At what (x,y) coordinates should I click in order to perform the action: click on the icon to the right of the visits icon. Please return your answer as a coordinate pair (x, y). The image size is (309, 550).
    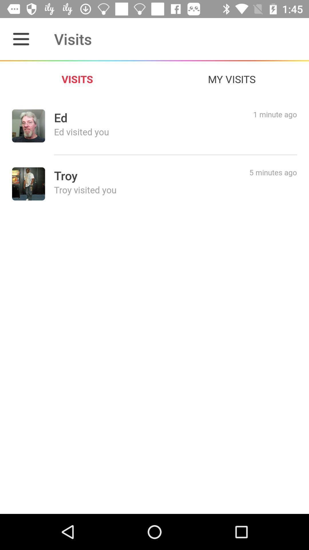
    Looking at the image, I should click on (232, 79).